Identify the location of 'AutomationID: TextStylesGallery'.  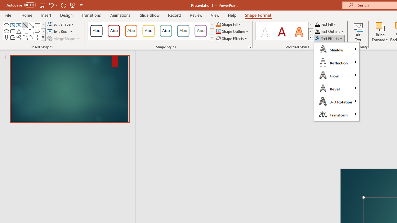
(284, 31).